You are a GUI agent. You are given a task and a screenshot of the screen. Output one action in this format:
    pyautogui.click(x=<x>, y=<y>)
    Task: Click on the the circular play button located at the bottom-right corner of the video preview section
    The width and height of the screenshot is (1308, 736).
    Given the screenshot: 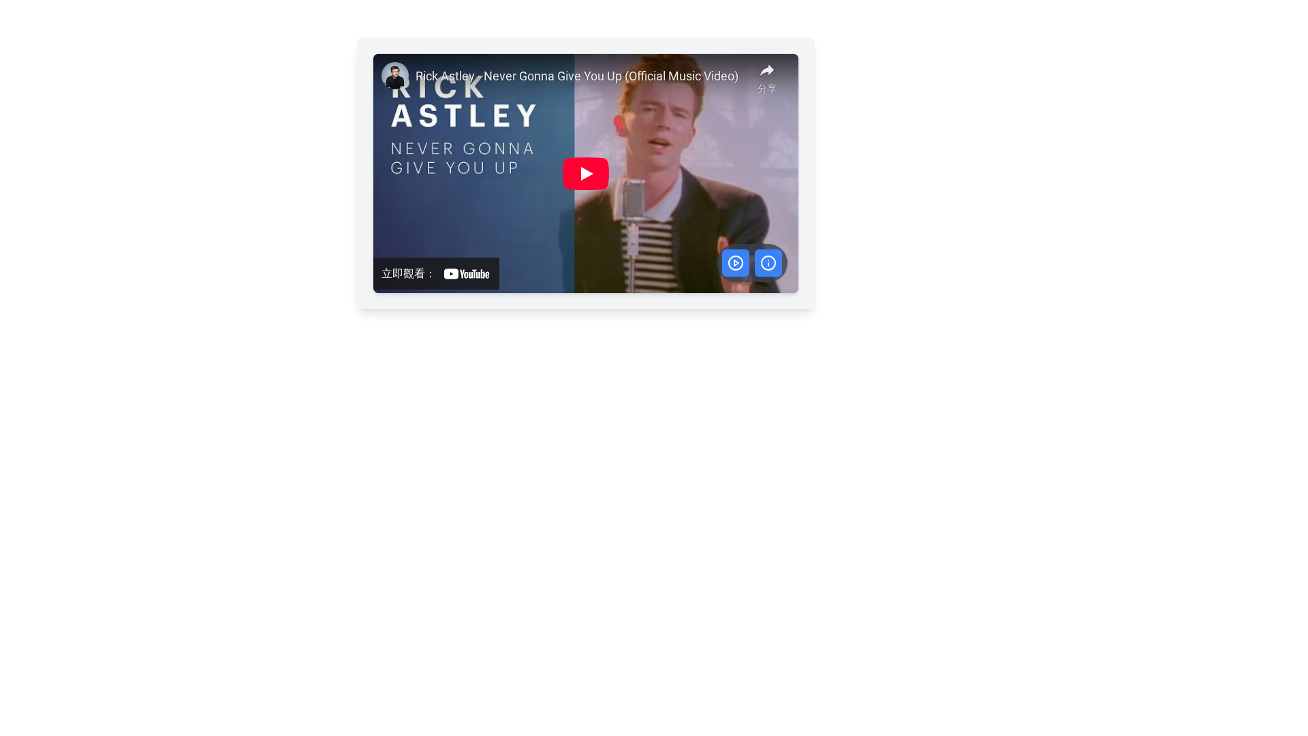 What is the action you would take?
    pyautogui.click(x=734, y=262)
    